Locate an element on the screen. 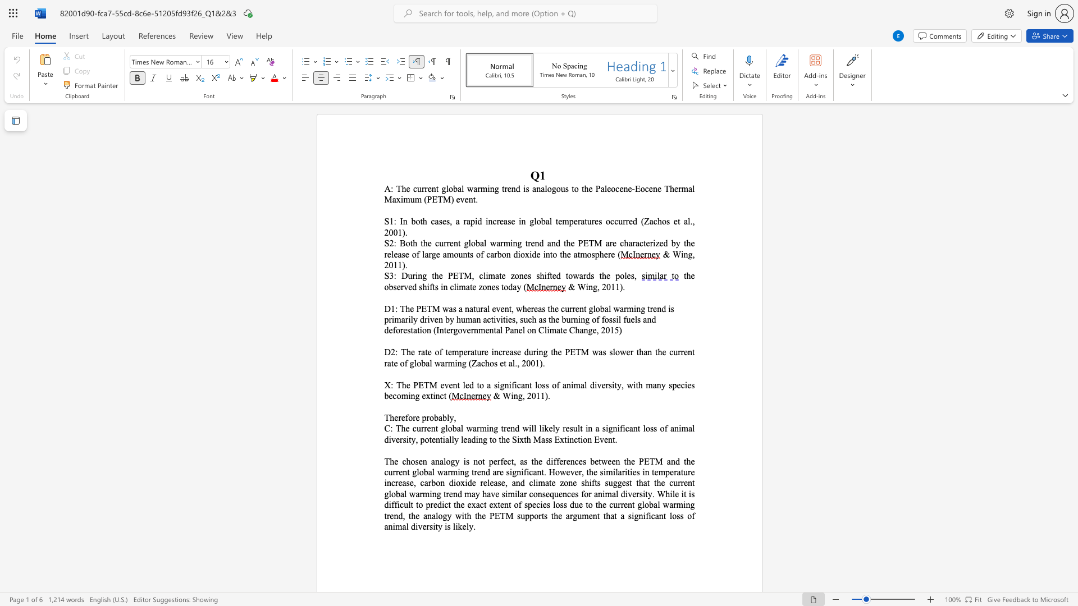 This screenshot has height=606, width=1078. the subset text "hile it is diff" within the text "significant. However, the similarities in temperature increase, carbon dioxide release, and climate zone shifts suggest that the current global warming trend may have similar consequences for animal diversity. While it is difficult to predict the exact ex" is located at coordinates (665, 493).